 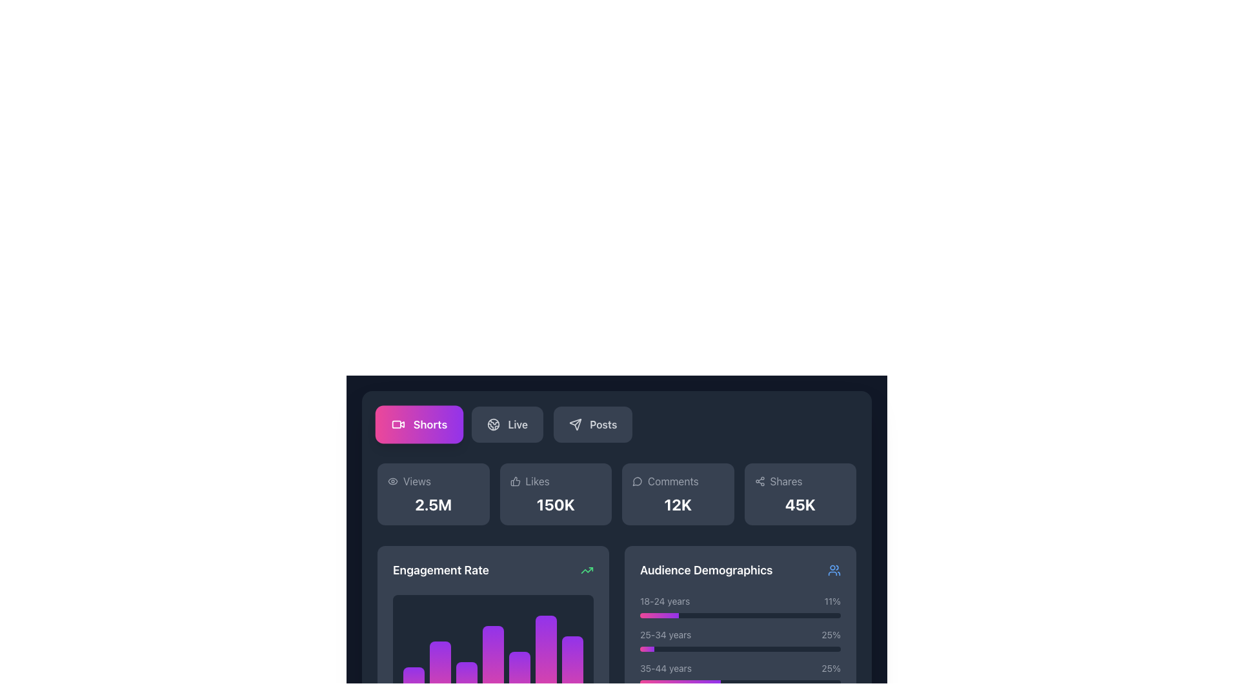 What do you see at coordinates (800, 494) in the screenshot?
I see `the displayed data on the Statistical Display Card that shows the number of shares as '45K', which is the fourth card in a horizontal row of four cards` at bounding box center [800, 494].